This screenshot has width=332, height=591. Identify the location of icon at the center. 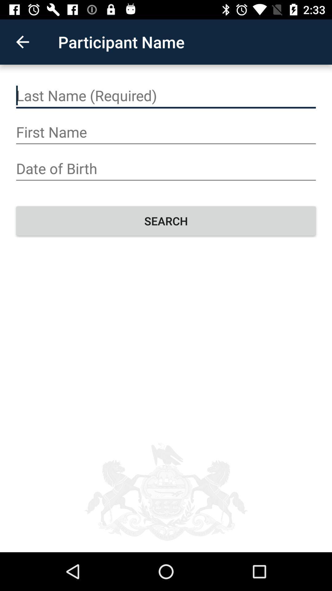
(166, 221).